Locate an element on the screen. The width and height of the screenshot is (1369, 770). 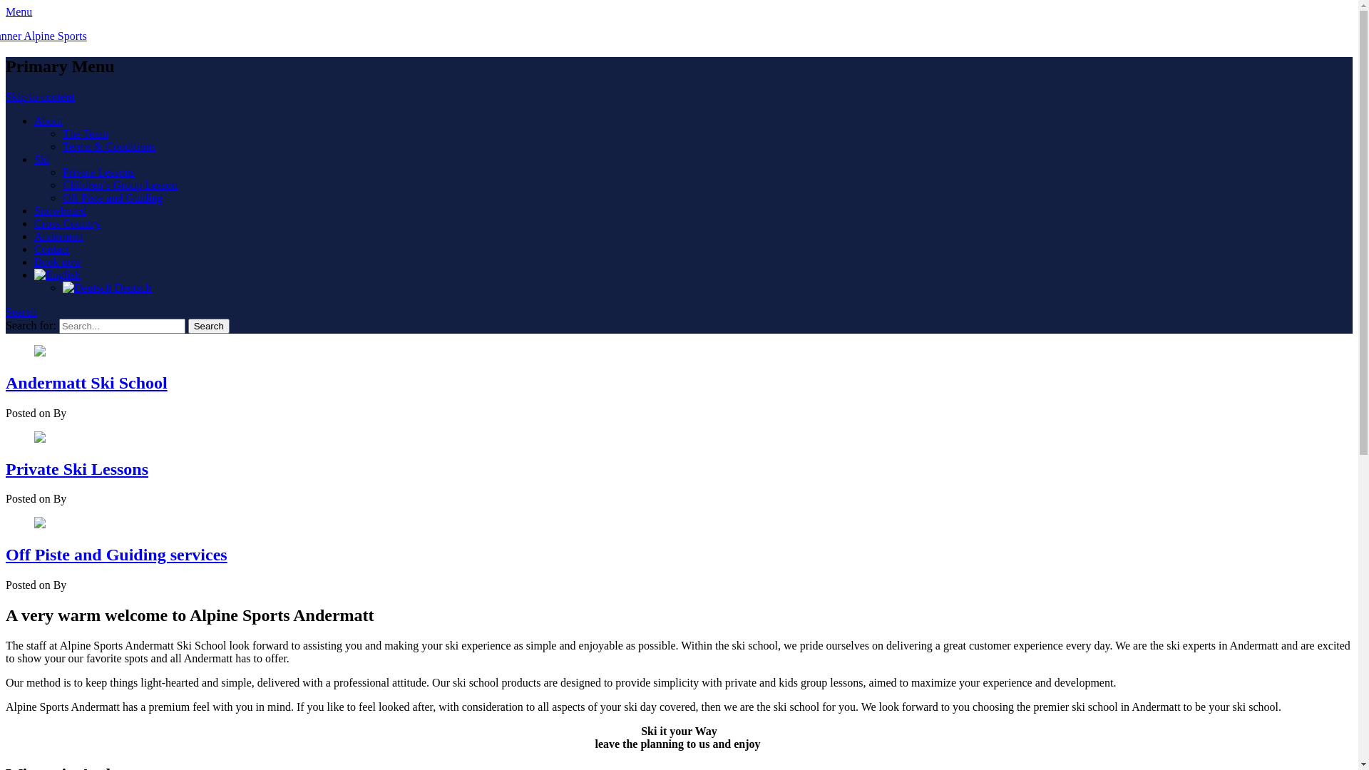
'Private Ski Lessons' is located at coordinates (76, 469).